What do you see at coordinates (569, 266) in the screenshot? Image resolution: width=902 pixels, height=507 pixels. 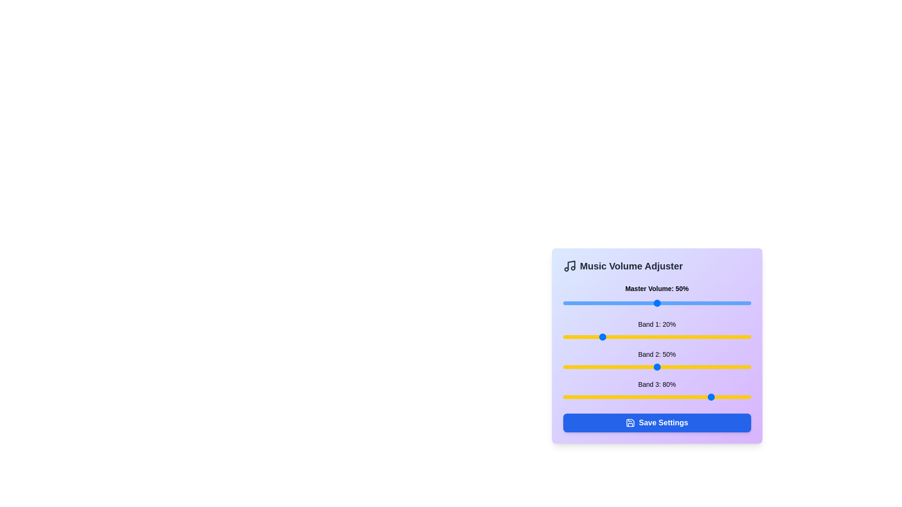 I see `the music volume adjuster icon located at the top-left corner of the 'Music Volume Adjuster' section` at bounding box center [569, 266].